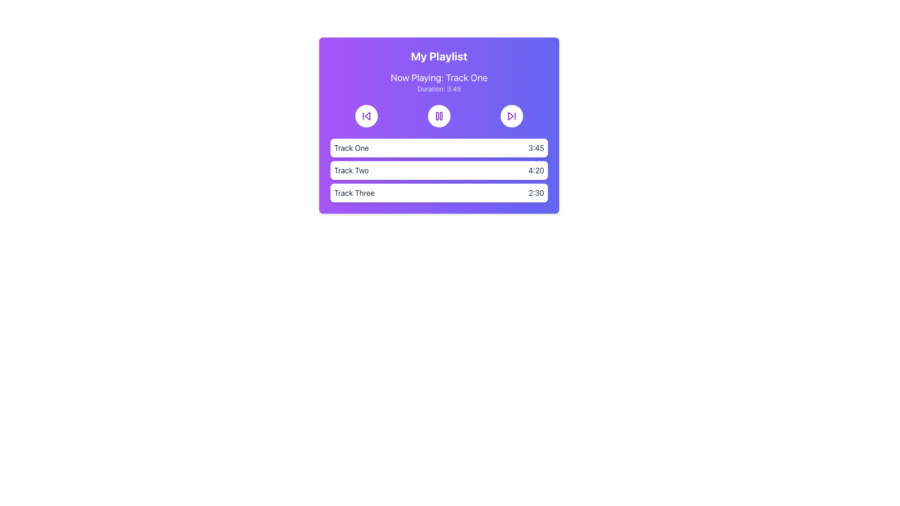 This screenshot has height=506, width=900. Describe the element at coordinates (536, 148) in the screenshot. I see `content from the right-aligned text label indicating the duration of the track in minutes and seconds, which is located adjacent to the 'Track One' title` at that location.